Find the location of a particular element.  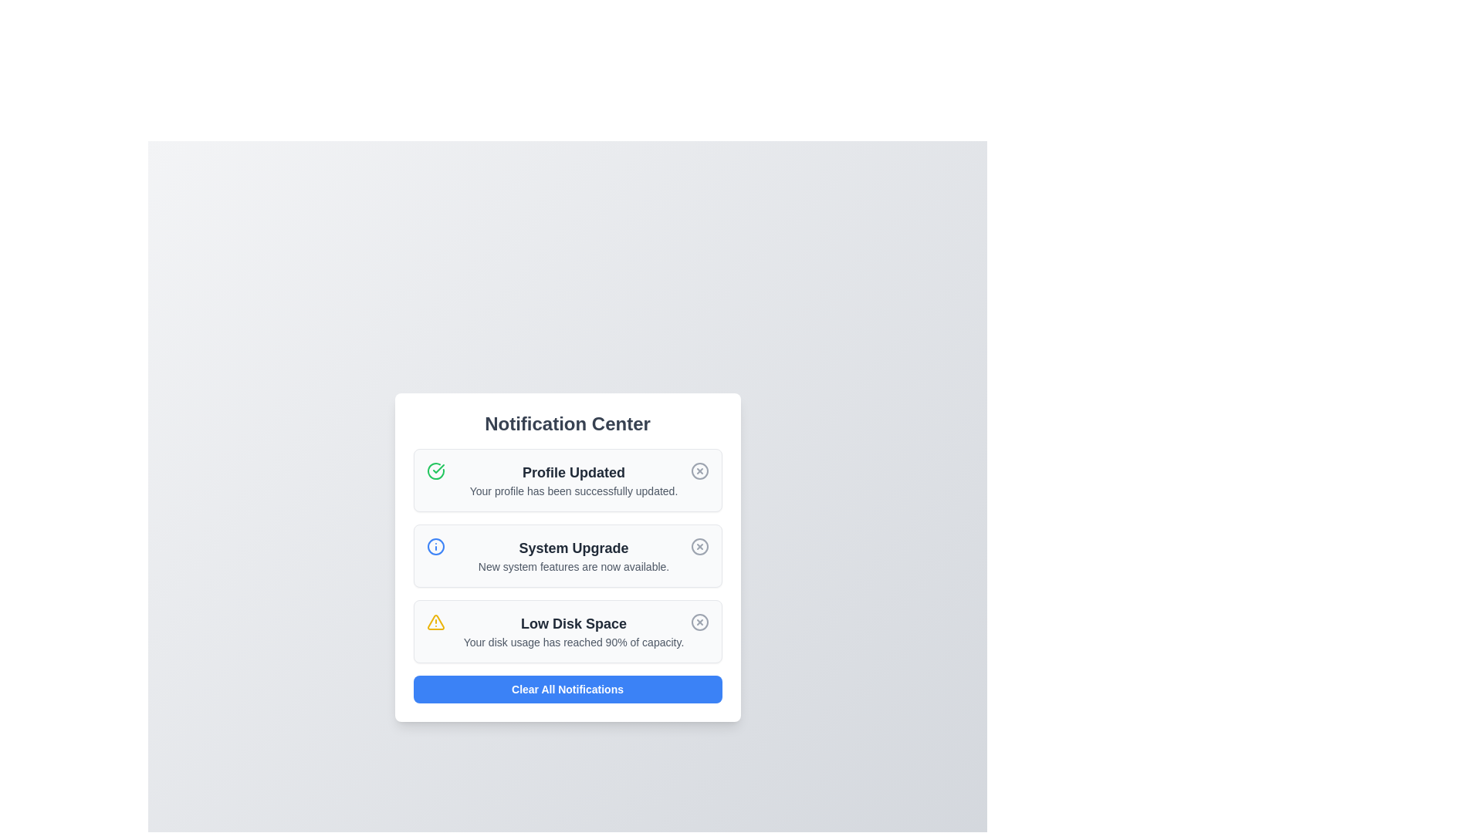

the title text of the second notification card in the Notification Center, which indicates a system upgrade event is located at coordinates (573, 547).